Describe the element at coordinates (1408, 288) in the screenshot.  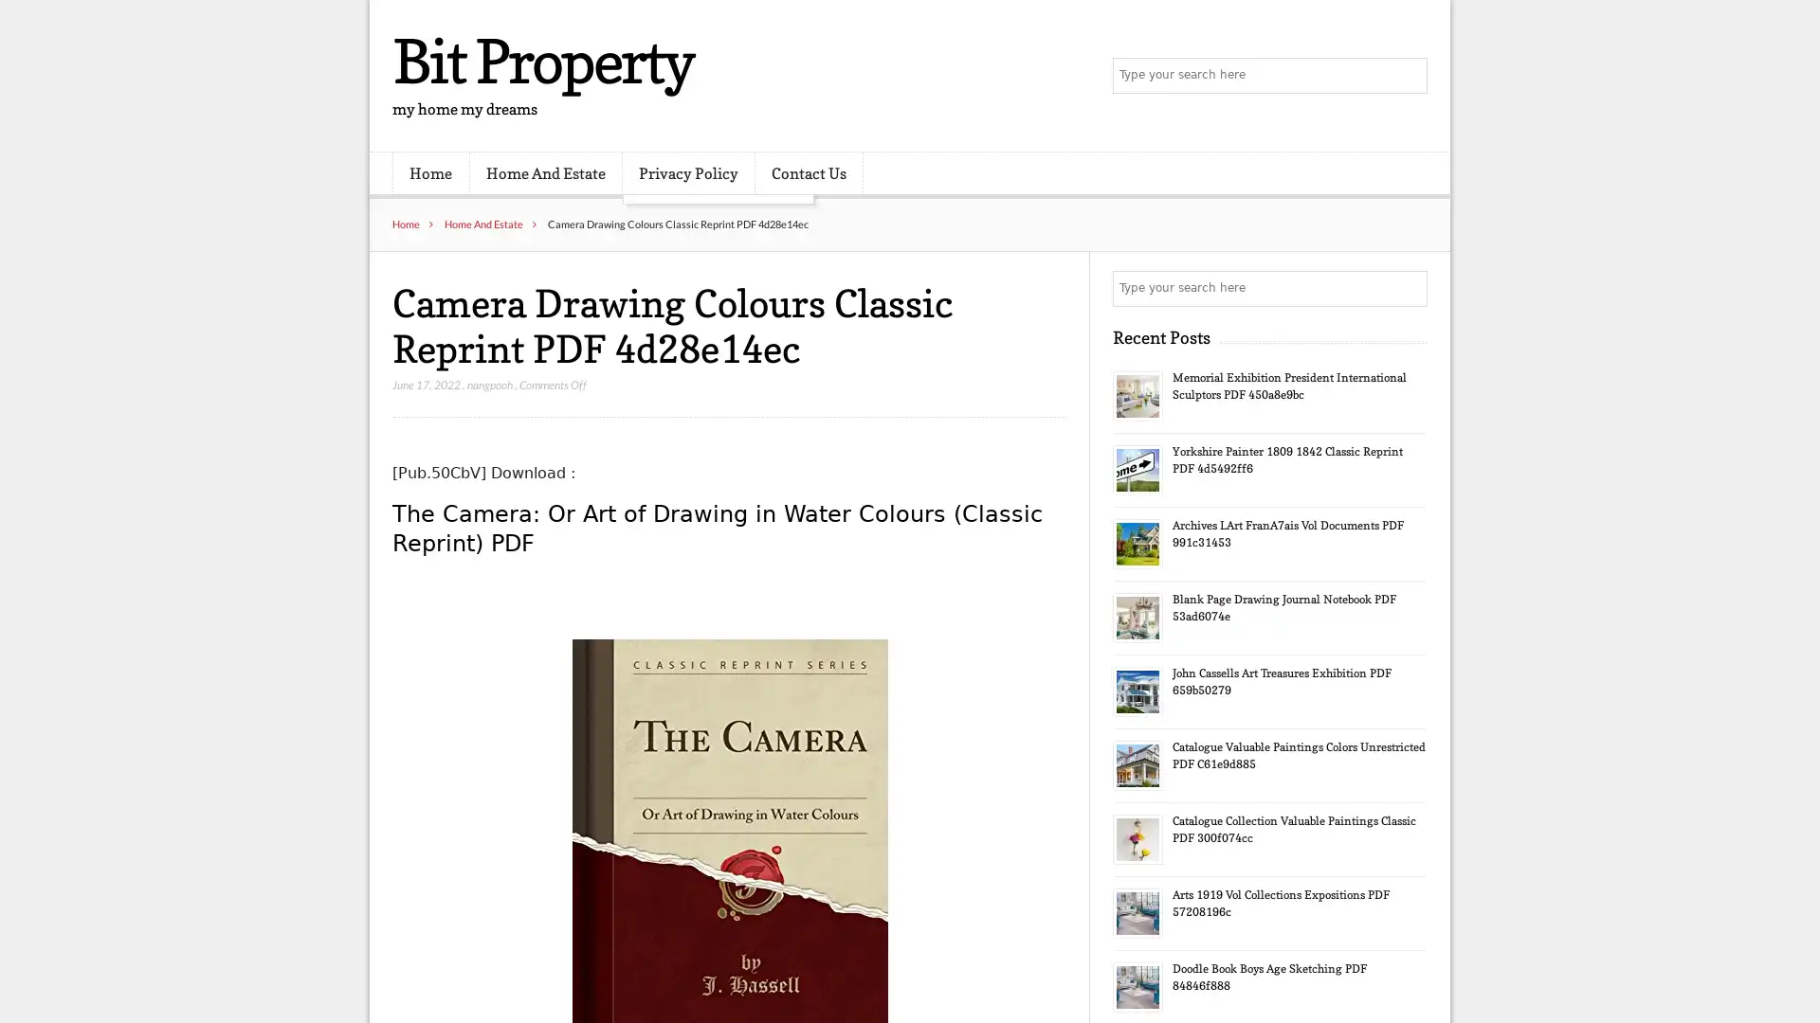
I see `Search` at that location.